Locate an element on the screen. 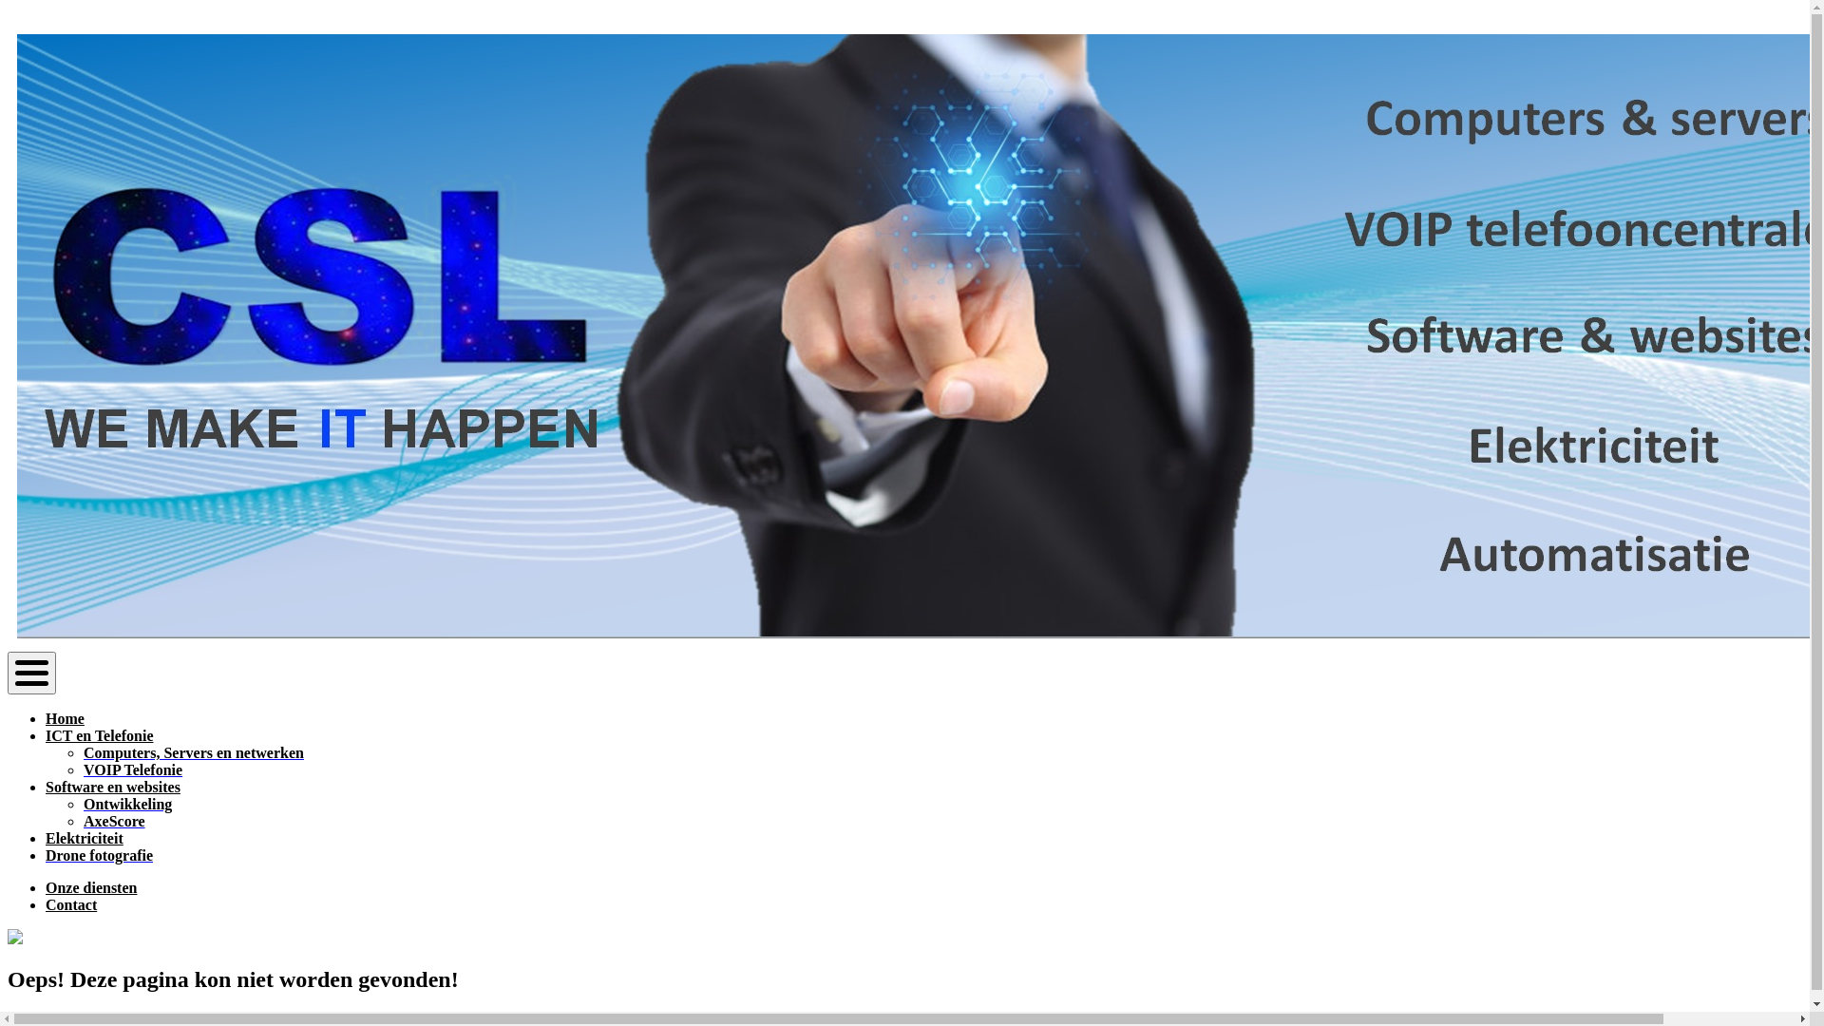 Image resolution: width=1824 pixels, height=1026 pixels. 'Onze diensten' is located at coordinates (46, 887).